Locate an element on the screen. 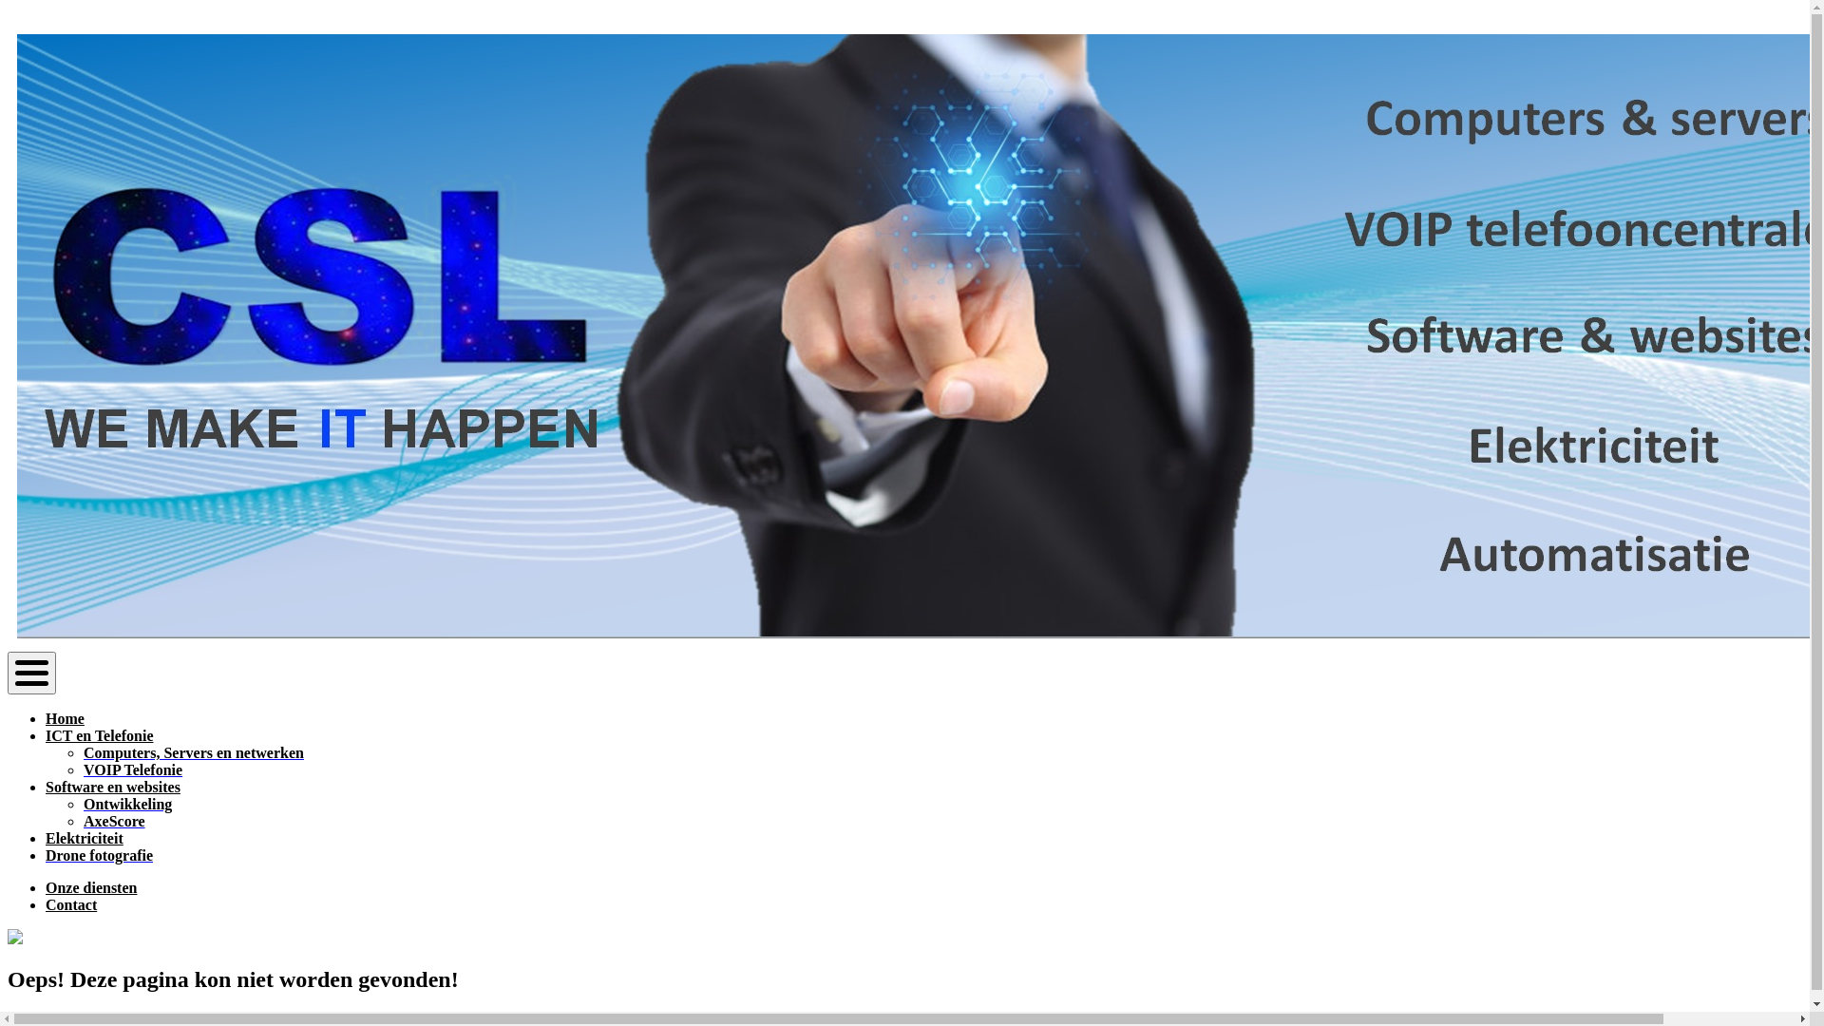 Image resolution: width=1824 pixels, height=1026 pixels. 'Onze diensten' is located at coordinates (46, 887).